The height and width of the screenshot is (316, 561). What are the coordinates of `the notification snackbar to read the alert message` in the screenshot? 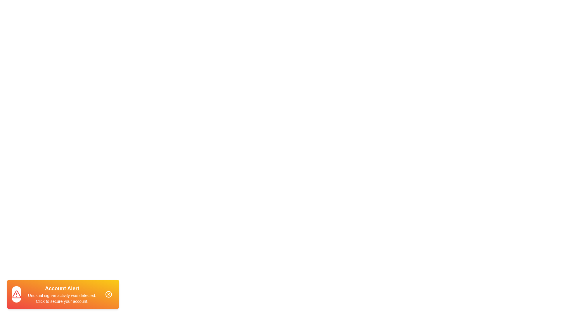 It's located at (63, 294).